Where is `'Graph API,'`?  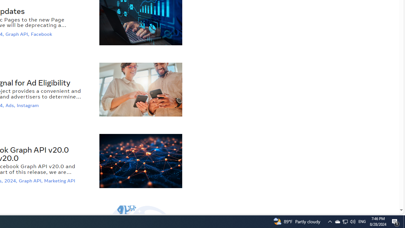
'Graph API,' is located at coordinates (31, 181).